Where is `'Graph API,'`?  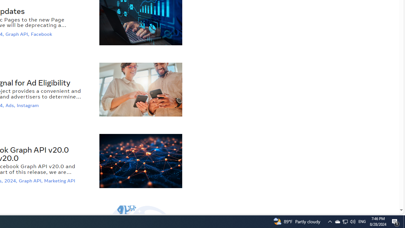
'Graph API,' is located at coordinates (31, 181).